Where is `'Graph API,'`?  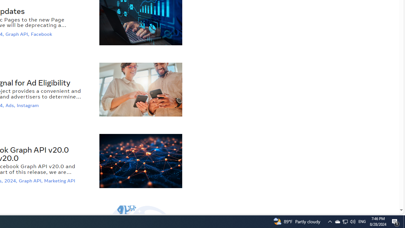
'Graph API,' is located at coordinates (31, 181).